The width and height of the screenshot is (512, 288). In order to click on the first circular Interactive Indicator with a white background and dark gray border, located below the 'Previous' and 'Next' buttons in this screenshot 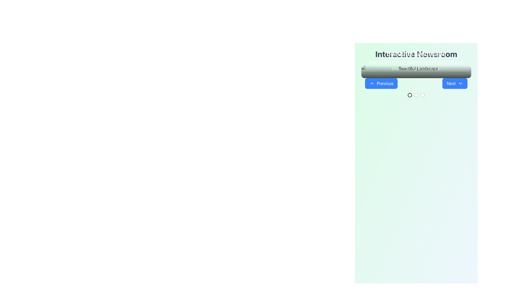, I will do `click(409, 95)`.